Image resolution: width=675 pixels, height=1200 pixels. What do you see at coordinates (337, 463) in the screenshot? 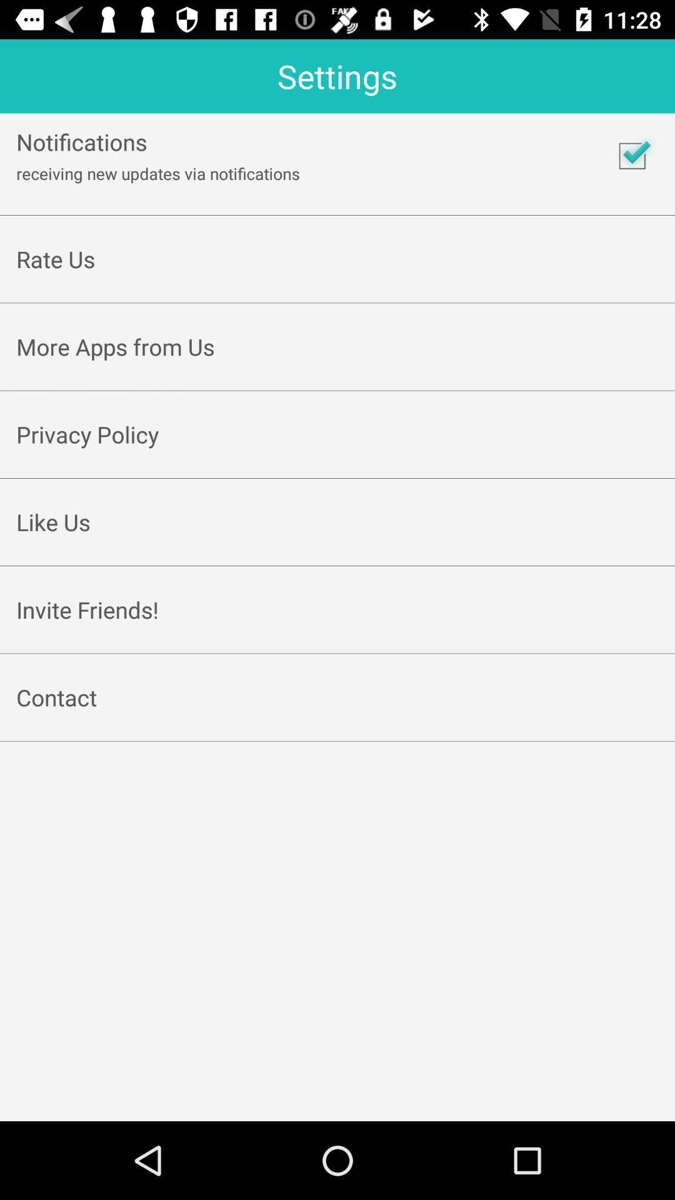
I see `item below privacy policy item` at bounding box center [337, 463].